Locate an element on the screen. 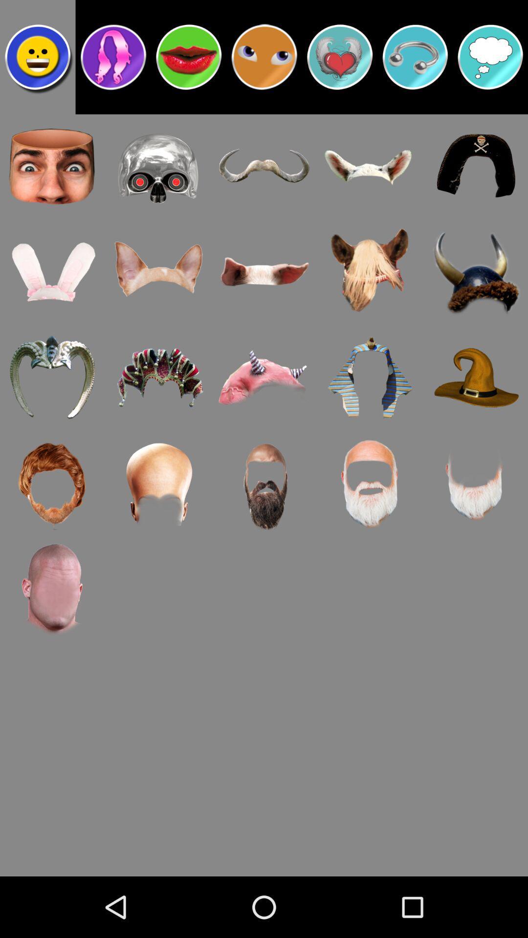 Image resolution: width=528 pixels, height=938 pixels. the emoji icon is located at coordinates (264, 61).